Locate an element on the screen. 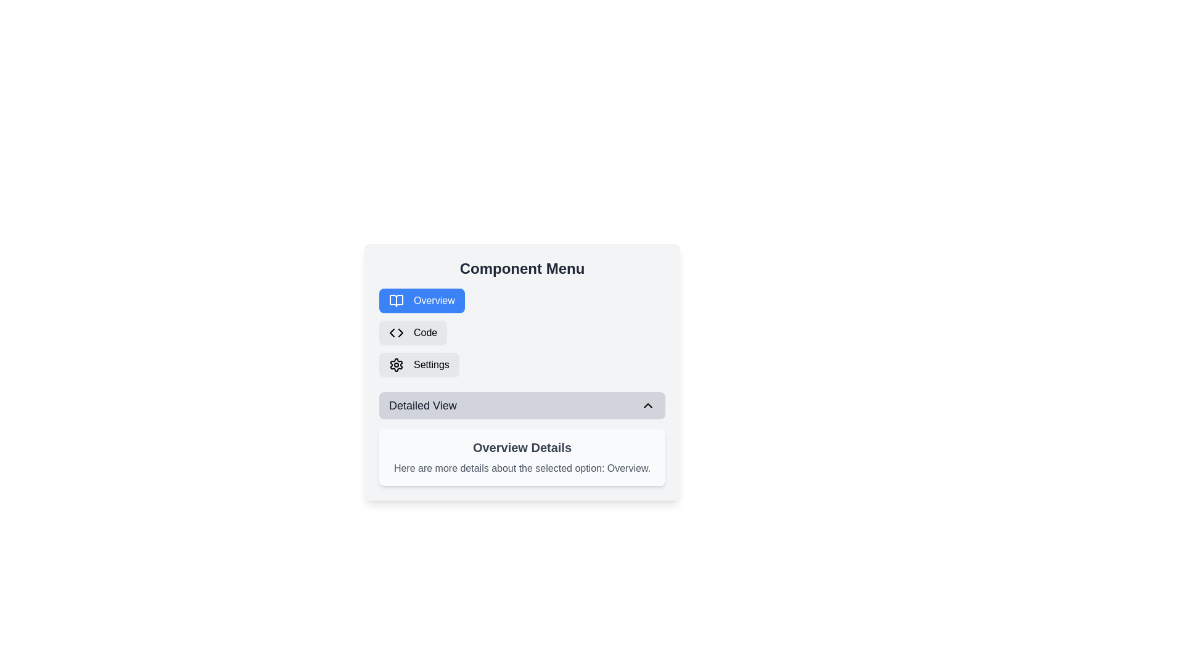 This screenshot has width=1184, height=666. text 'Detailed View' from the label within the light gray button, which is positioned below the 'Settings' button and serves to open a detailed view of a component is located at coordinates (422, 406).